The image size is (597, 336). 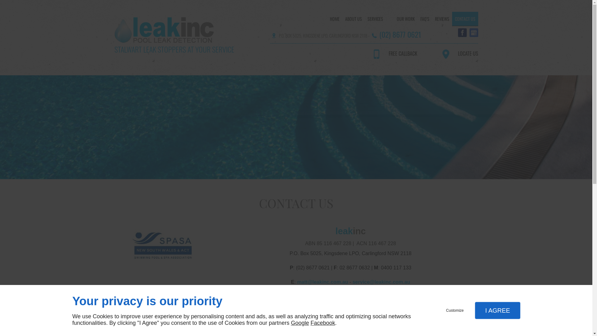 I want to click on 'service@leakinc.com.au', so click(x=381, y=282).